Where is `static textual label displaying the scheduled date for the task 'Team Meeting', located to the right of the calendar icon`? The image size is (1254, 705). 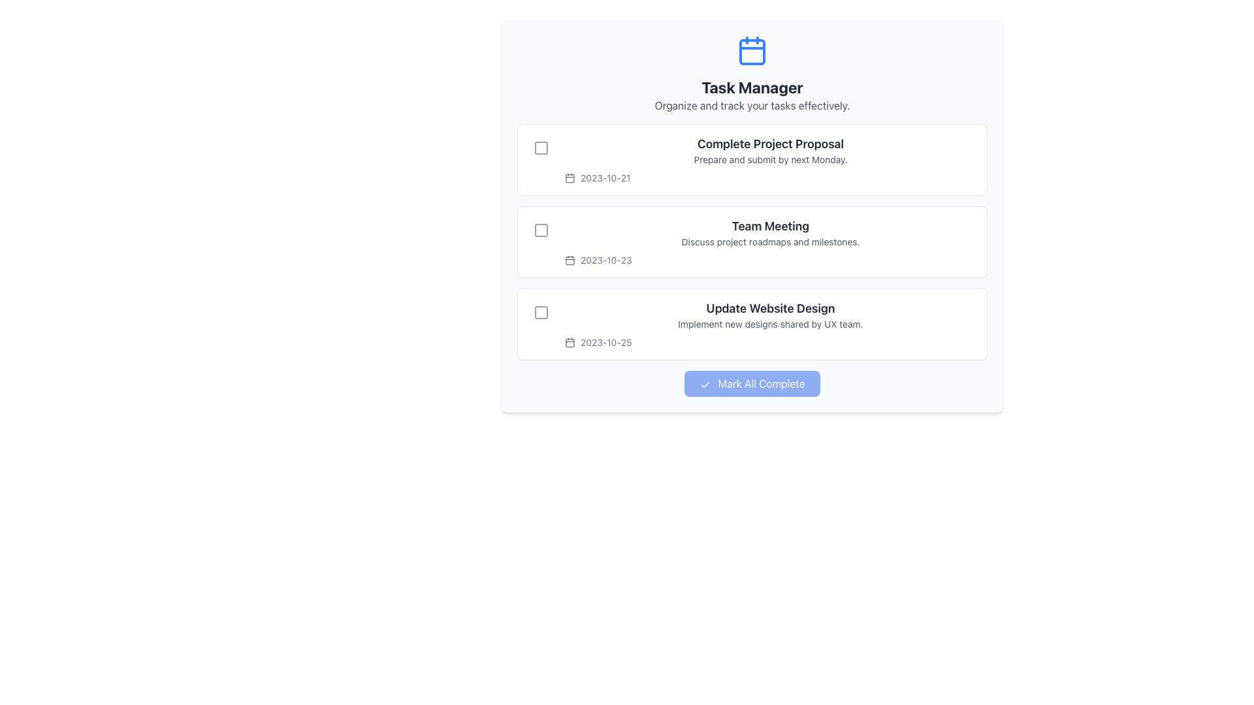
static textual label displaying the scheduled date for the task 'Team Meeting', located to the right of the calendar icon is located at coordinates (605, 260).